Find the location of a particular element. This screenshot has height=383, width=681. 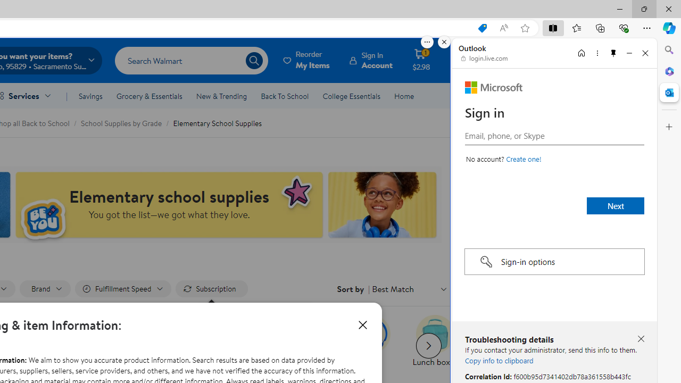

'Create a Microsoft account' is located at coordinates (524, 159).